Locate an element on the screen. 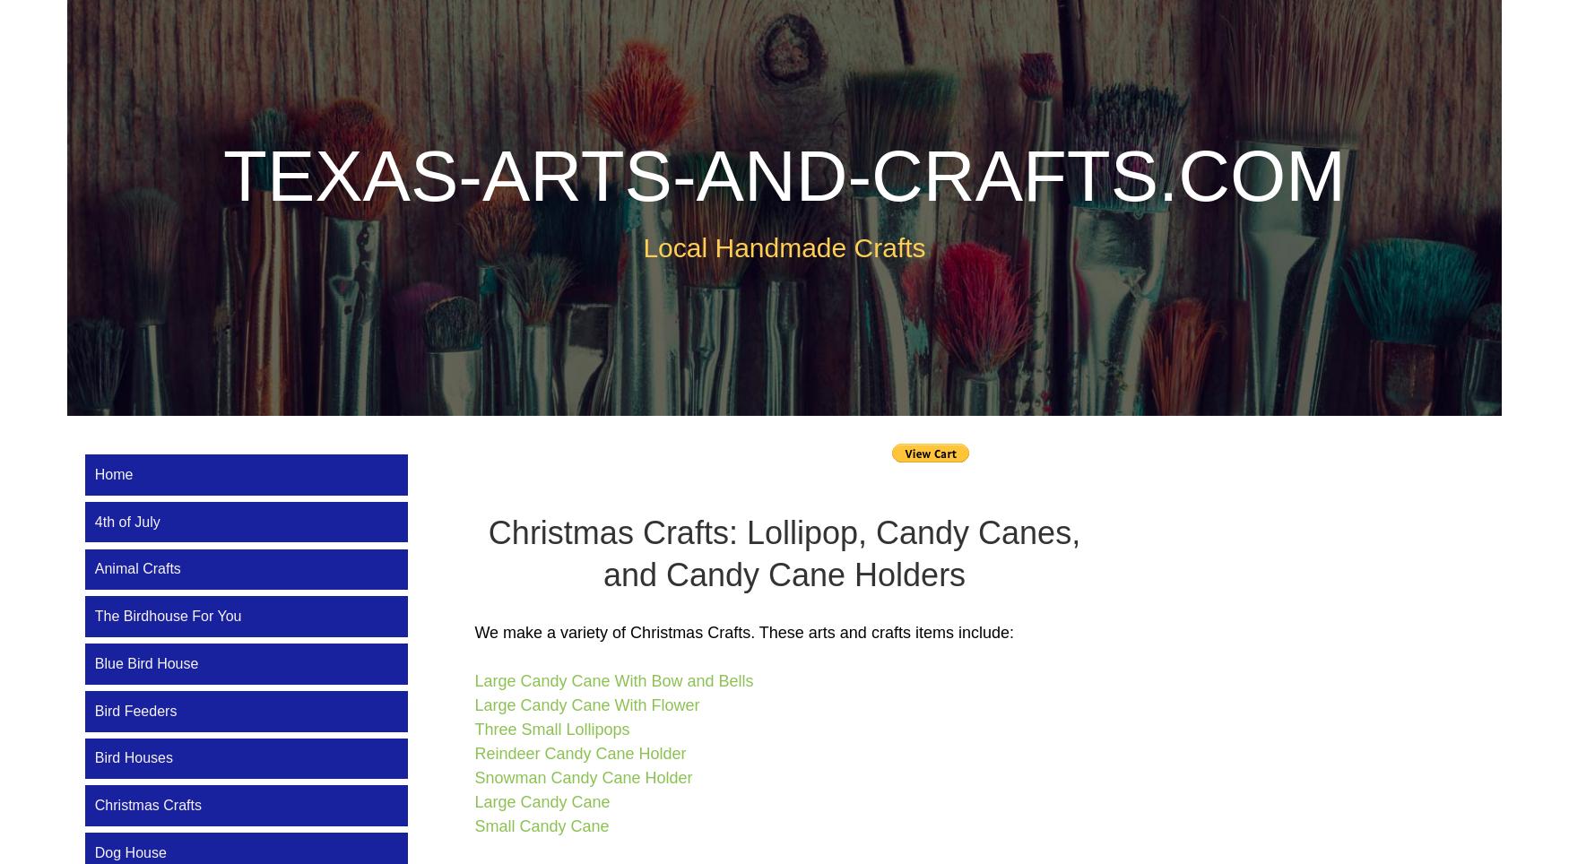 The width and height of the screenshot is (1569, 864). 'Animal Crafts' is located at coordinates (94, 568).